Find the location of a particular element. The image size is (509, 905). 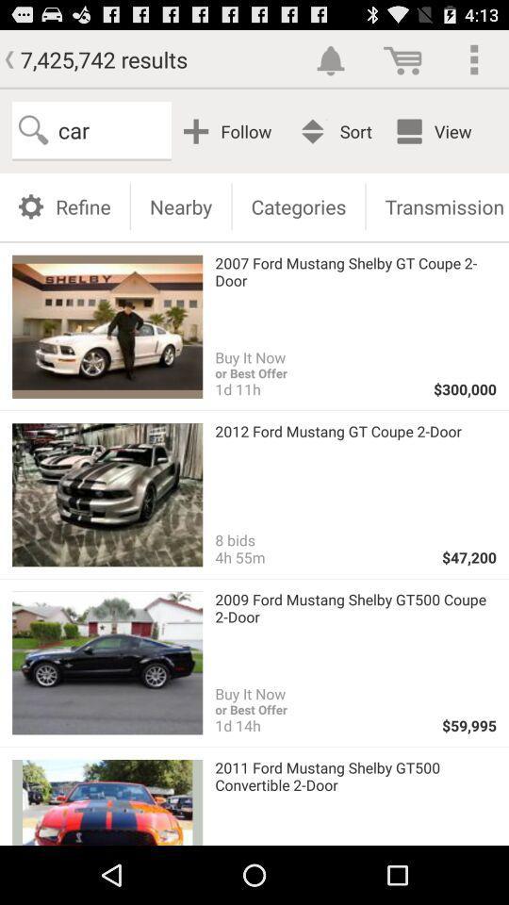

the icon above 2007 ford mustang item is located at coordinates (437, 206).